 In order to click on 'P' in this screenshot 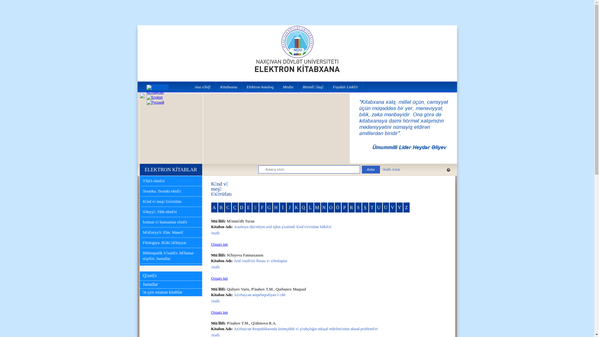, I will do `click(344, 207)`.